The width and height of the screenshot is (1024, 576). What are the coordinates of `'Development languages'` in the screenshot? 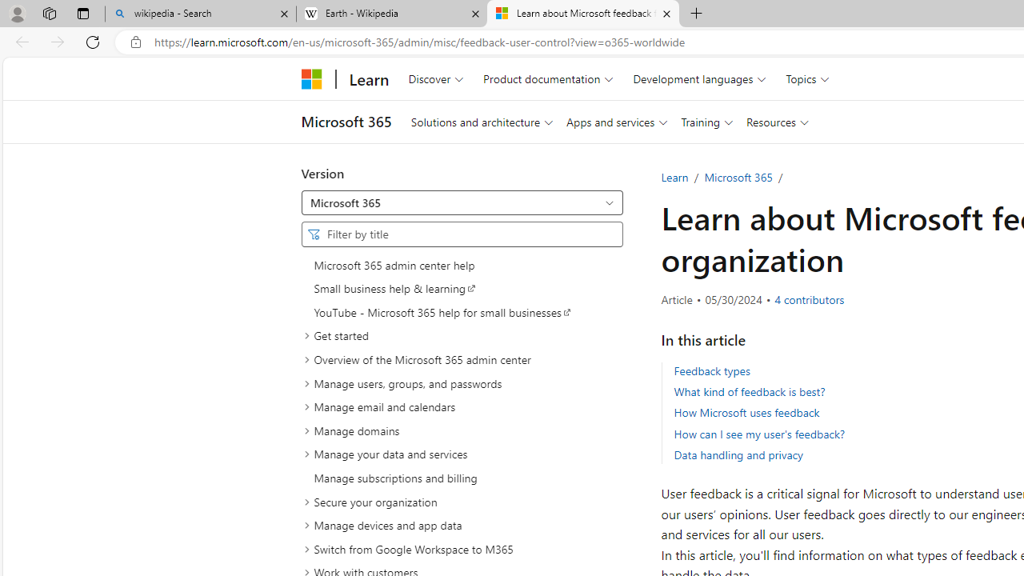 It's located at (699, 78).